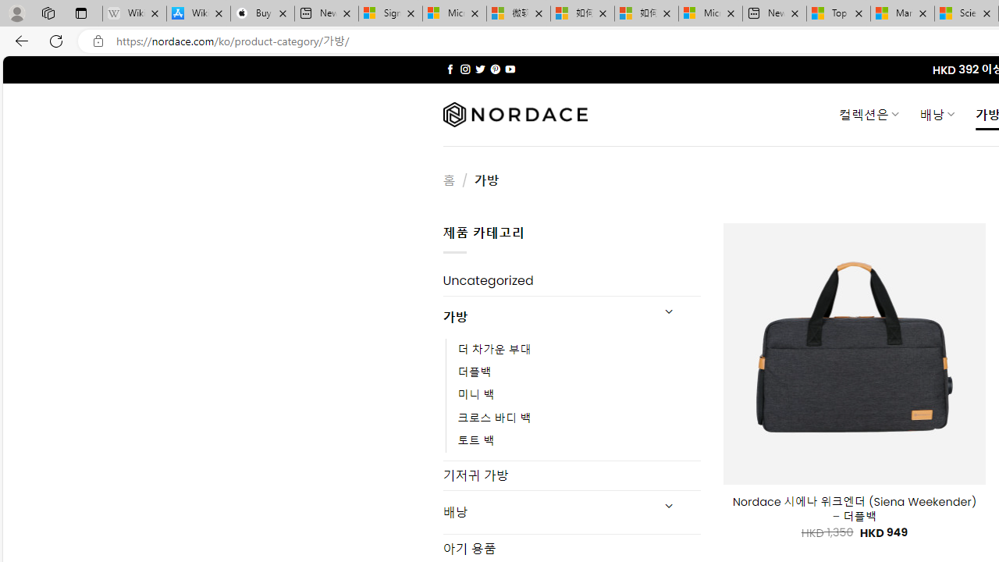 This screenshot has width=999, height=562. I want to click on 'Microsoft account | Account Checkup', so click(709, 13).